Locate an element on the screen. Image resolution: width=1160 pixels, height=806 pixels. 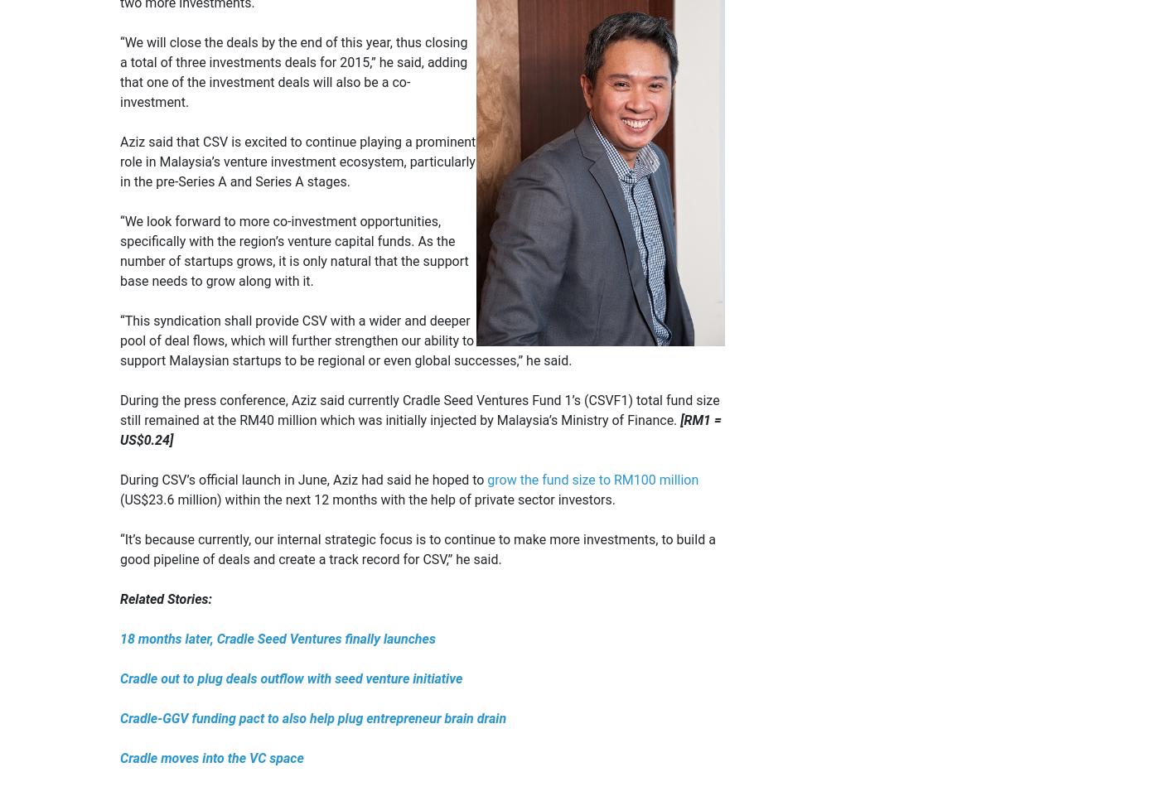
'grow the fund size to RM100 million' is located at coordinates (487, 479).